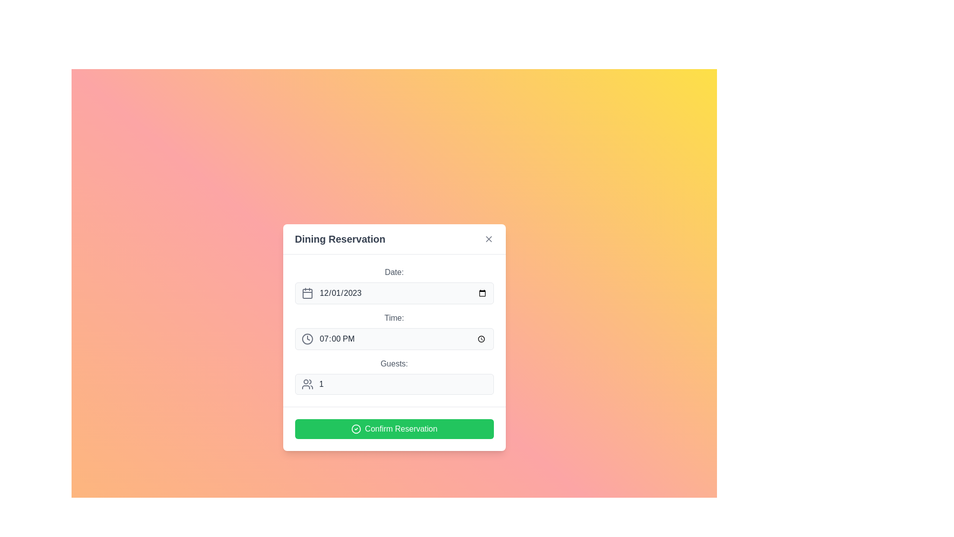 The image size is (954, 537). What do you see at coordinates (340, 239) in the screenshot?
I see `text of the bold label that states 'Dining Reservation', located at the center coordinates of the dialog box` at bounding box center [340, 239].